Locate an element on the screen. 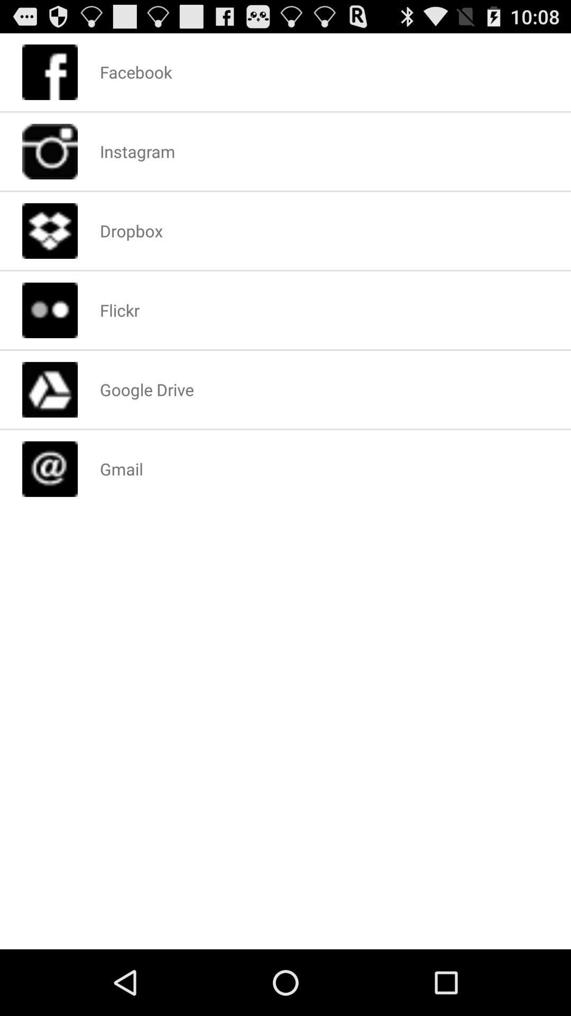  facebook app is located at coordinates (135, 71).